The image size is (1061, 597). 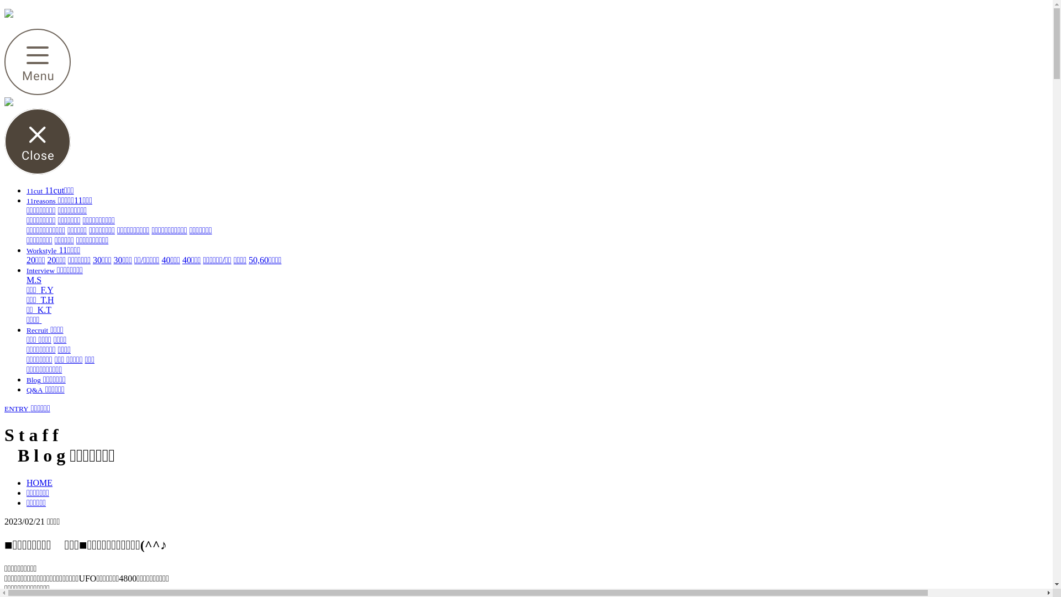 What do you see at coordinates (27, 482) in the screenshot?
I see `'HOME'` at bounding box center [27, 482].